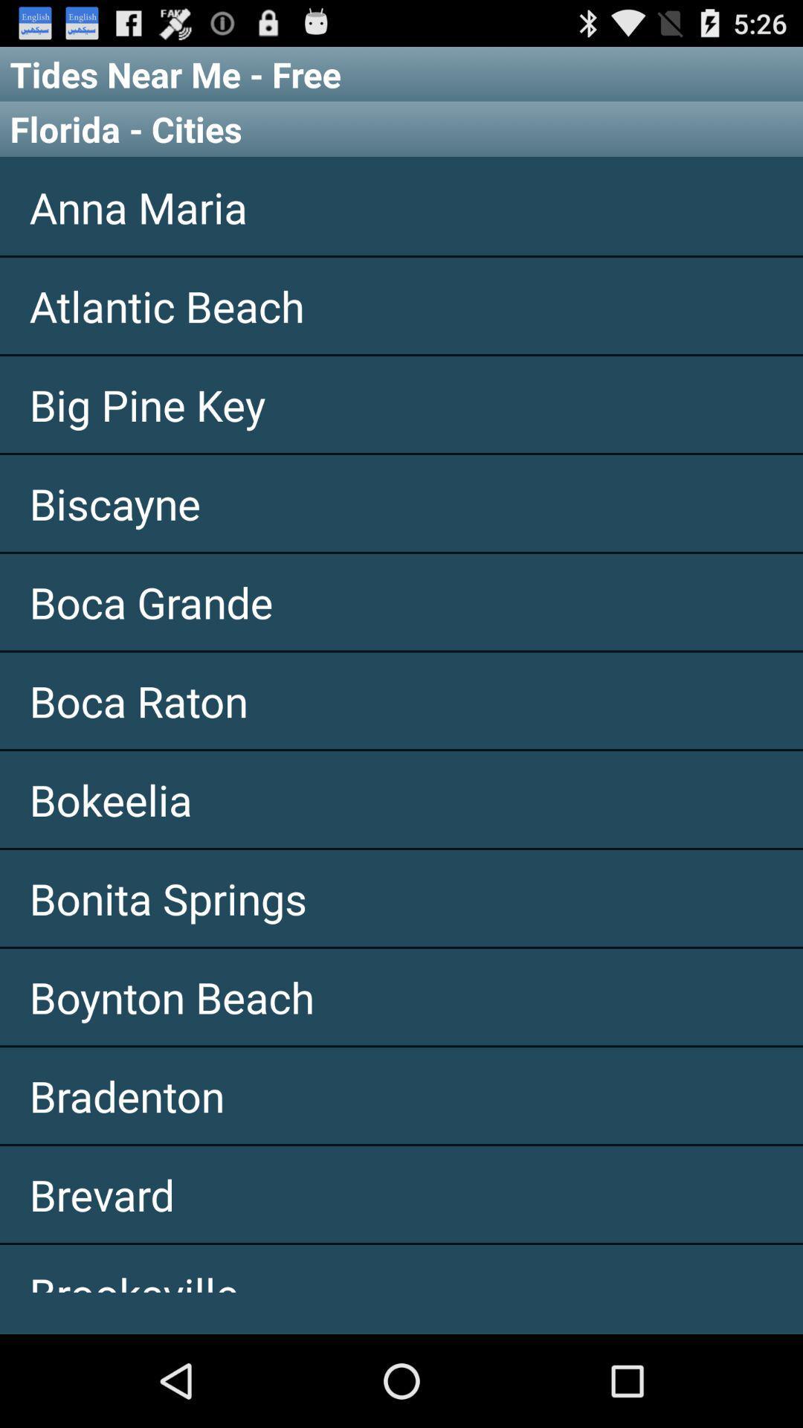 Image resolution: width=803 pixels, height=1428 pixels. Describe the element at coordinates (401, 1288) in the screenshot. I see `the icon below brevard` at that location.